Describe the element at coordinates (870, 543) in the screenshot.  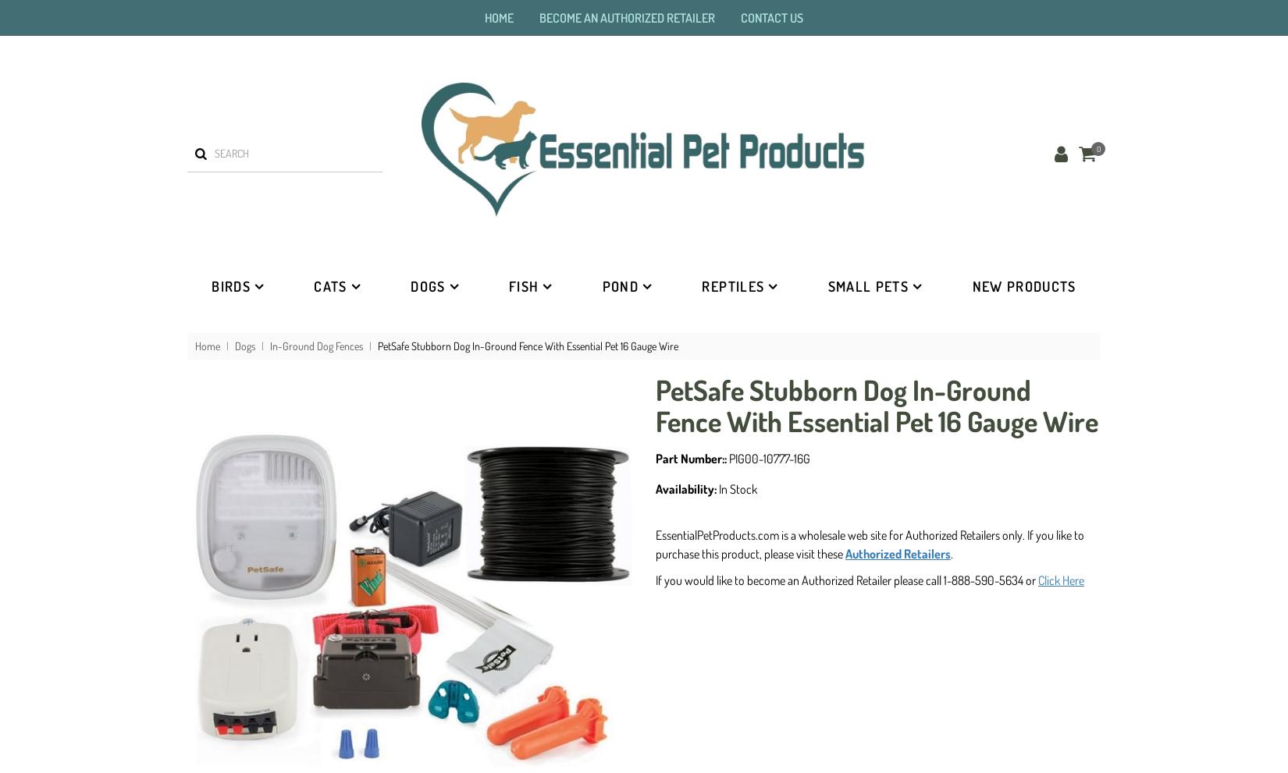
I see `'EssentialPetProducts.com is a wholesale web site for Authorized Retailers
only. If you like to purchase this product, please visit these'` at that location.